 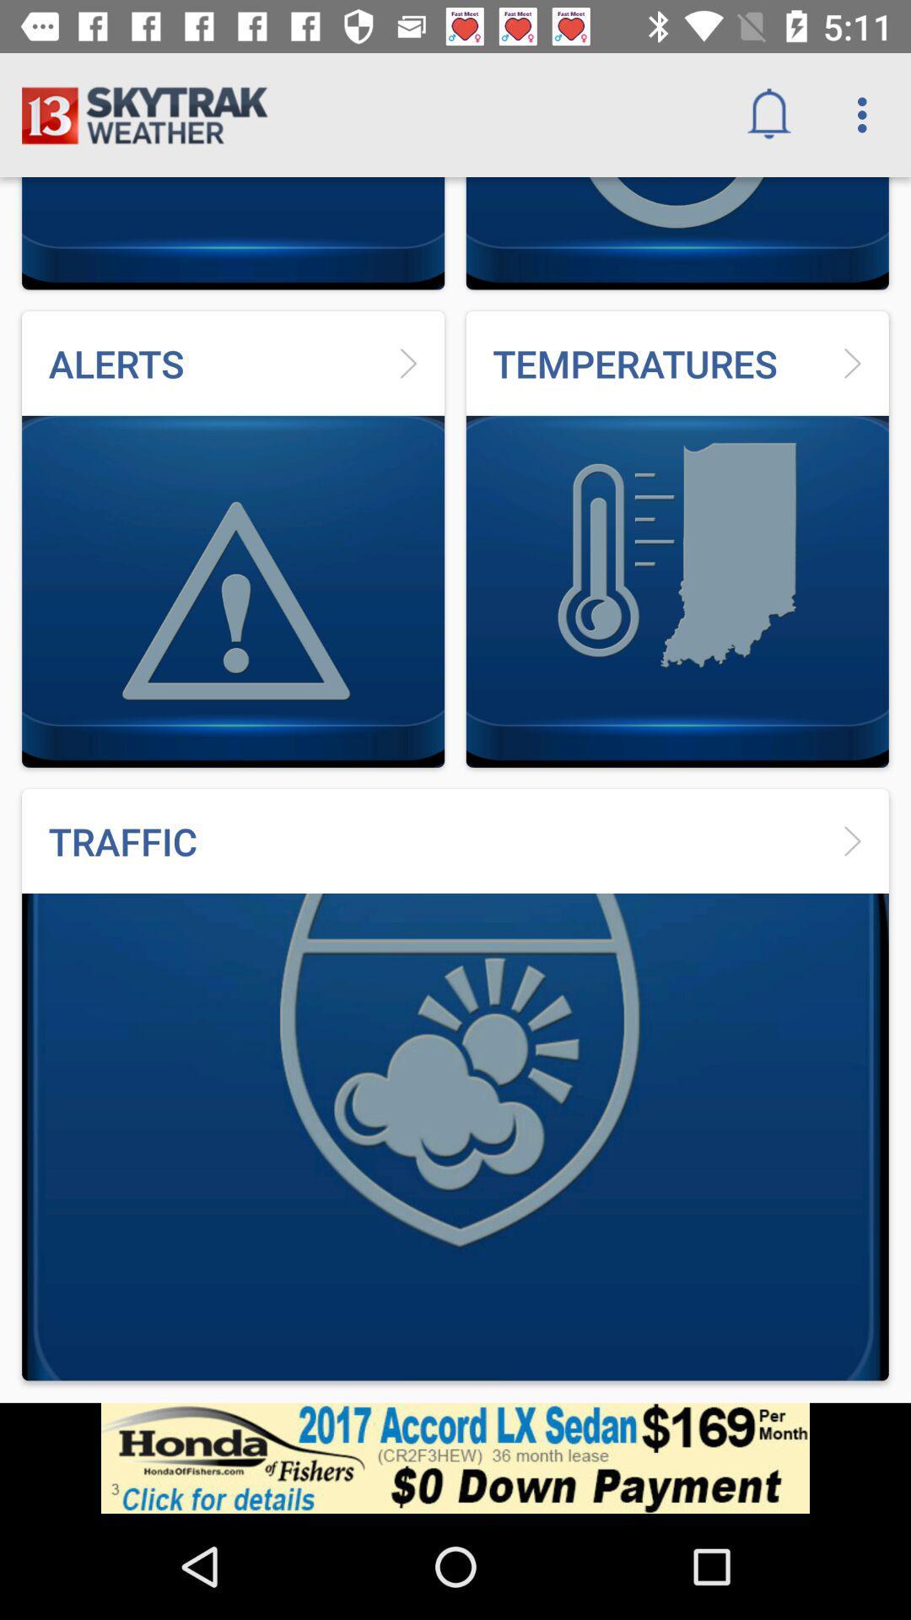 I want to click on the logo on the top left corner of the web page, so click(x=233, y=178).